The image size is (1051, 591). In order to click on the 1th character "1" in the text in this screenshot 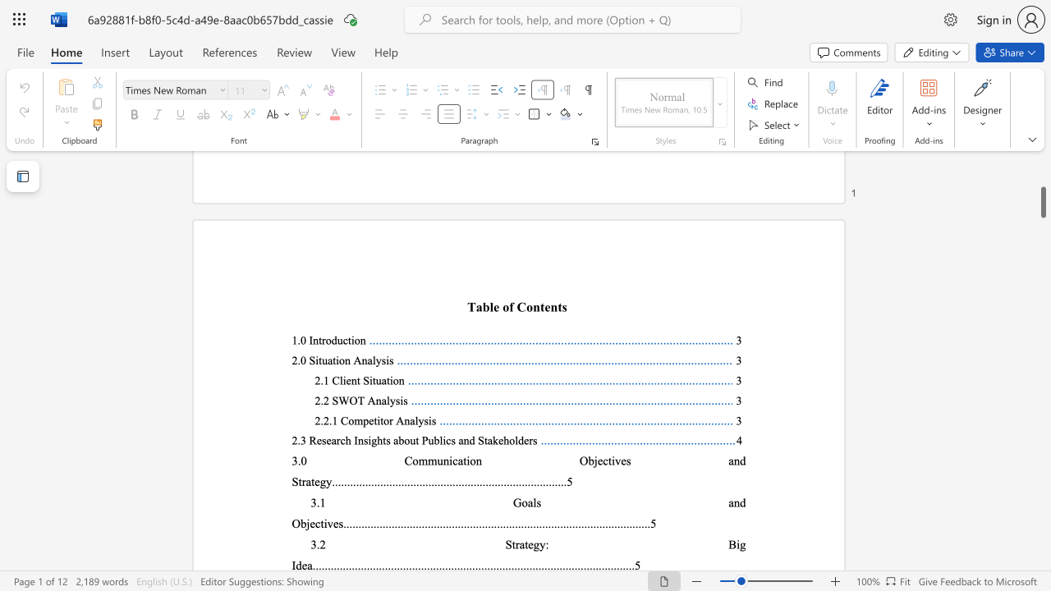, I will do `click(323, 502)`.